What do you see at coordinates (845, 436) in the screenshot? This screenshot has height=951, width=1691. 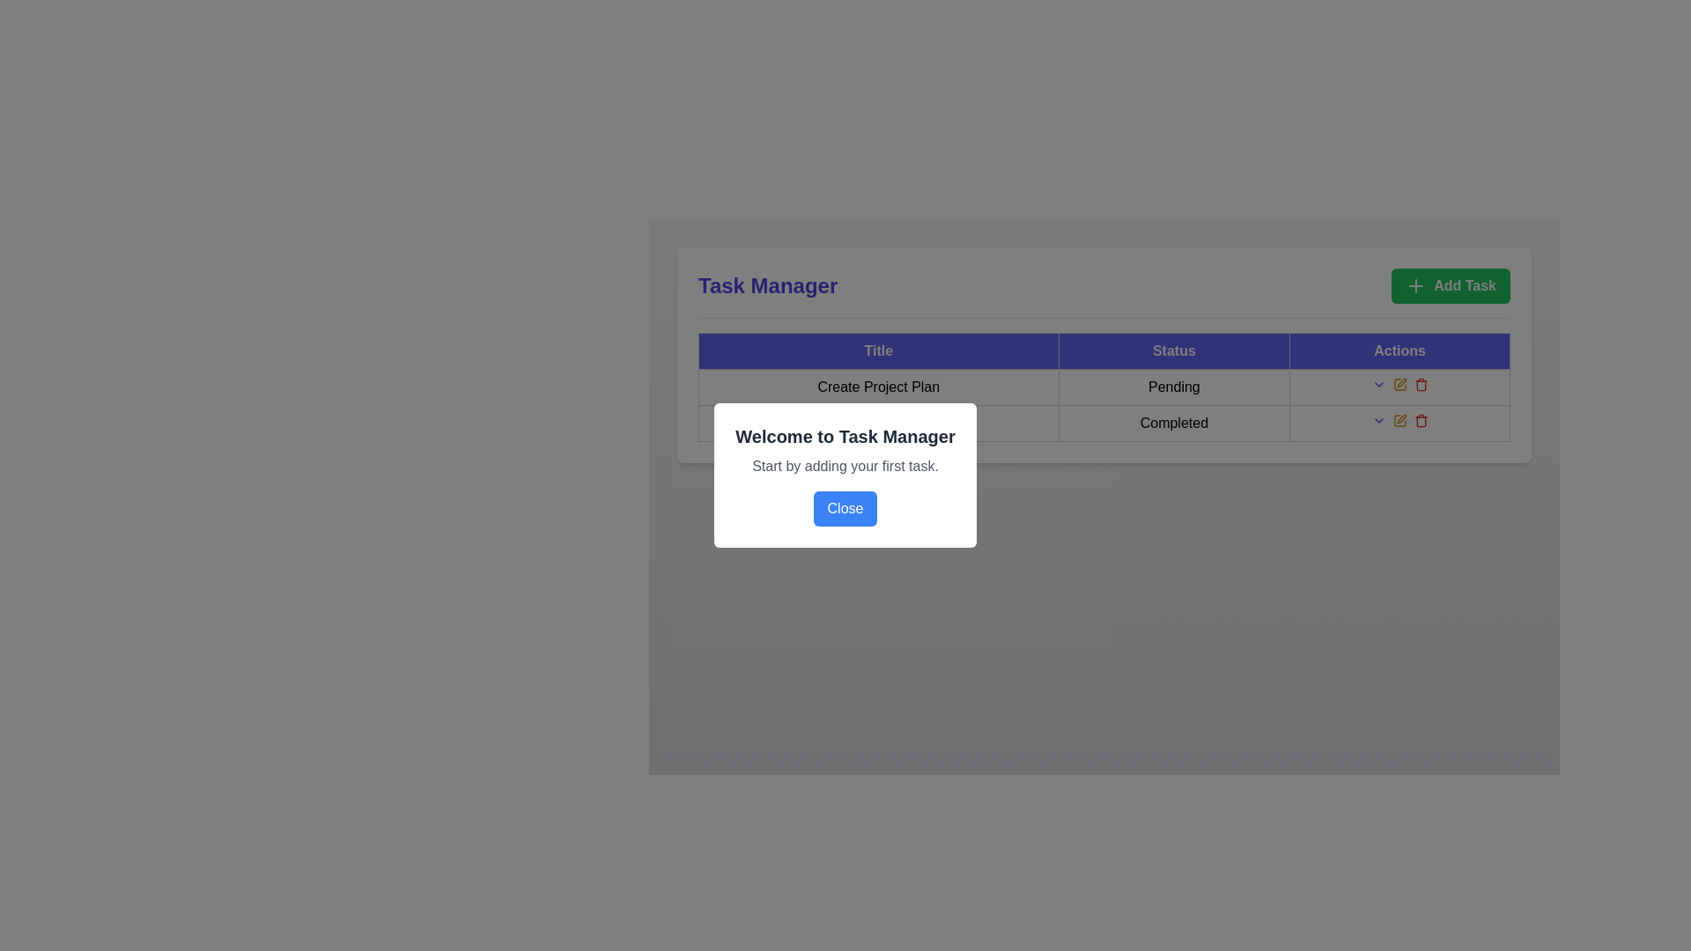 I see `the bold heading text 'Welcome to Task Manager' which is positioned at the top-center of the modal dialog` at bounding box center [845, 436].